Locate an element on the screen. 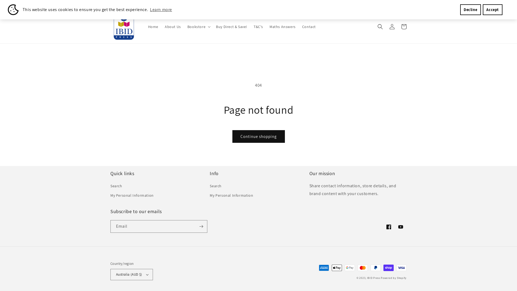 Image resolution: width=517 pixels, height=291 pixels. 'Accept' is located at coordinates (492, 9).